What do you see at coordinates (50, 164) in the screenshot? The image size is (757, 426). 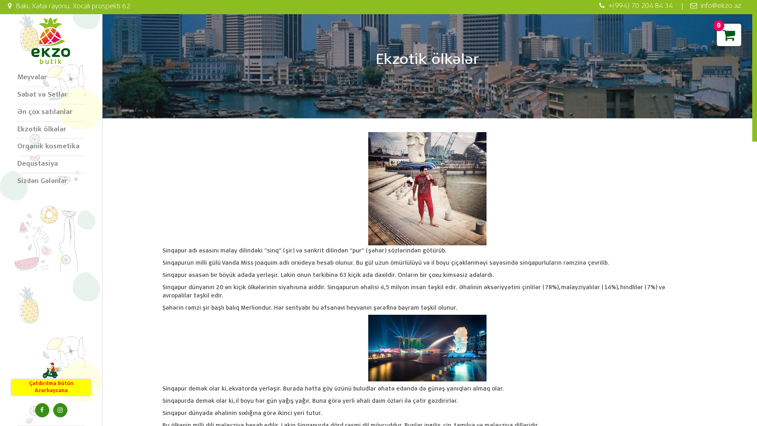 I see `'Dequstasiya'` at bounding box center [50, 164].